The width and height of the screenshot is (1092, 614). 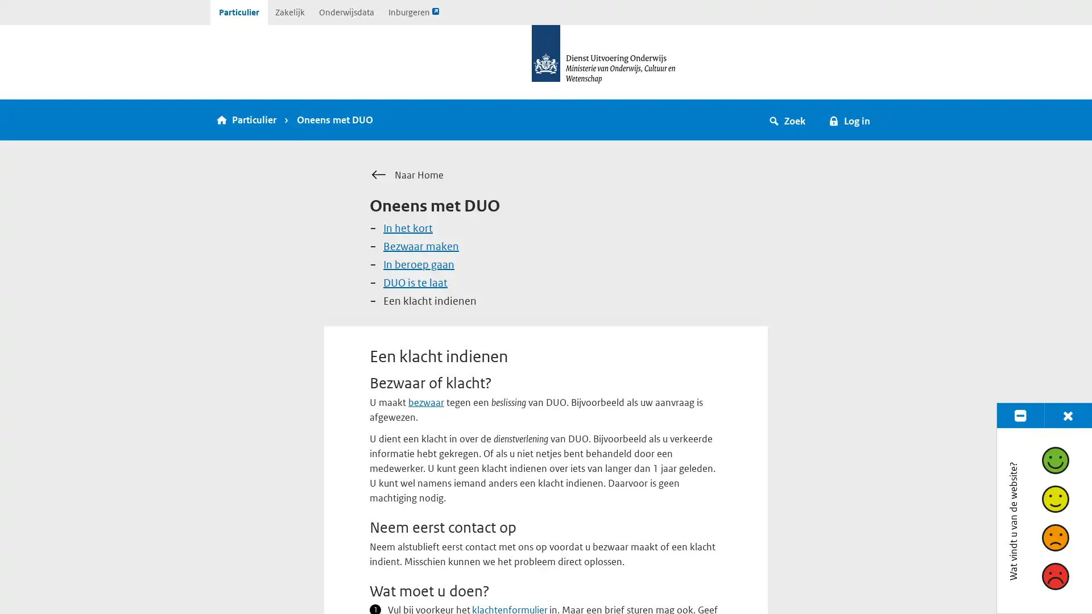 What do you see at coordinates (849, 120) in the screenshot?
I see `Log in` at bounding box center [849, 120].